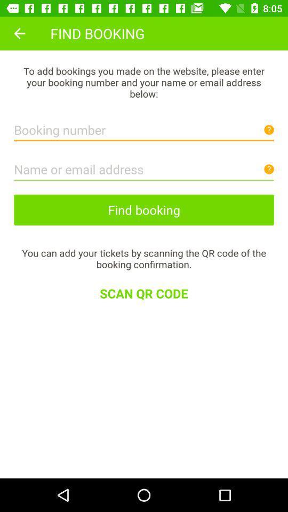 The image size is (288, 512). What do you see at coordinates (144, 127) in the screenshot?
I see `booking number here` at bounding box center [144, 127].